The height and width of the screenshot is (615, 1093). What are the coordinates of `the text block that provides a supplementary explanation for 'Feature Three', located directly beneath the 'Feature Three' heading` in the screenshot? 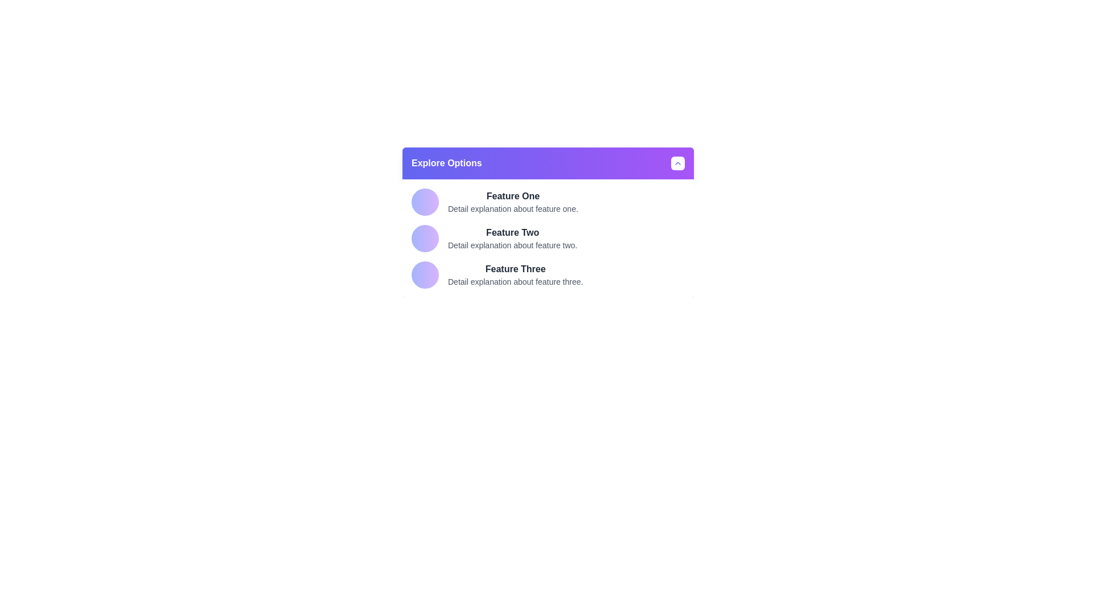 It's located at (515, 281).